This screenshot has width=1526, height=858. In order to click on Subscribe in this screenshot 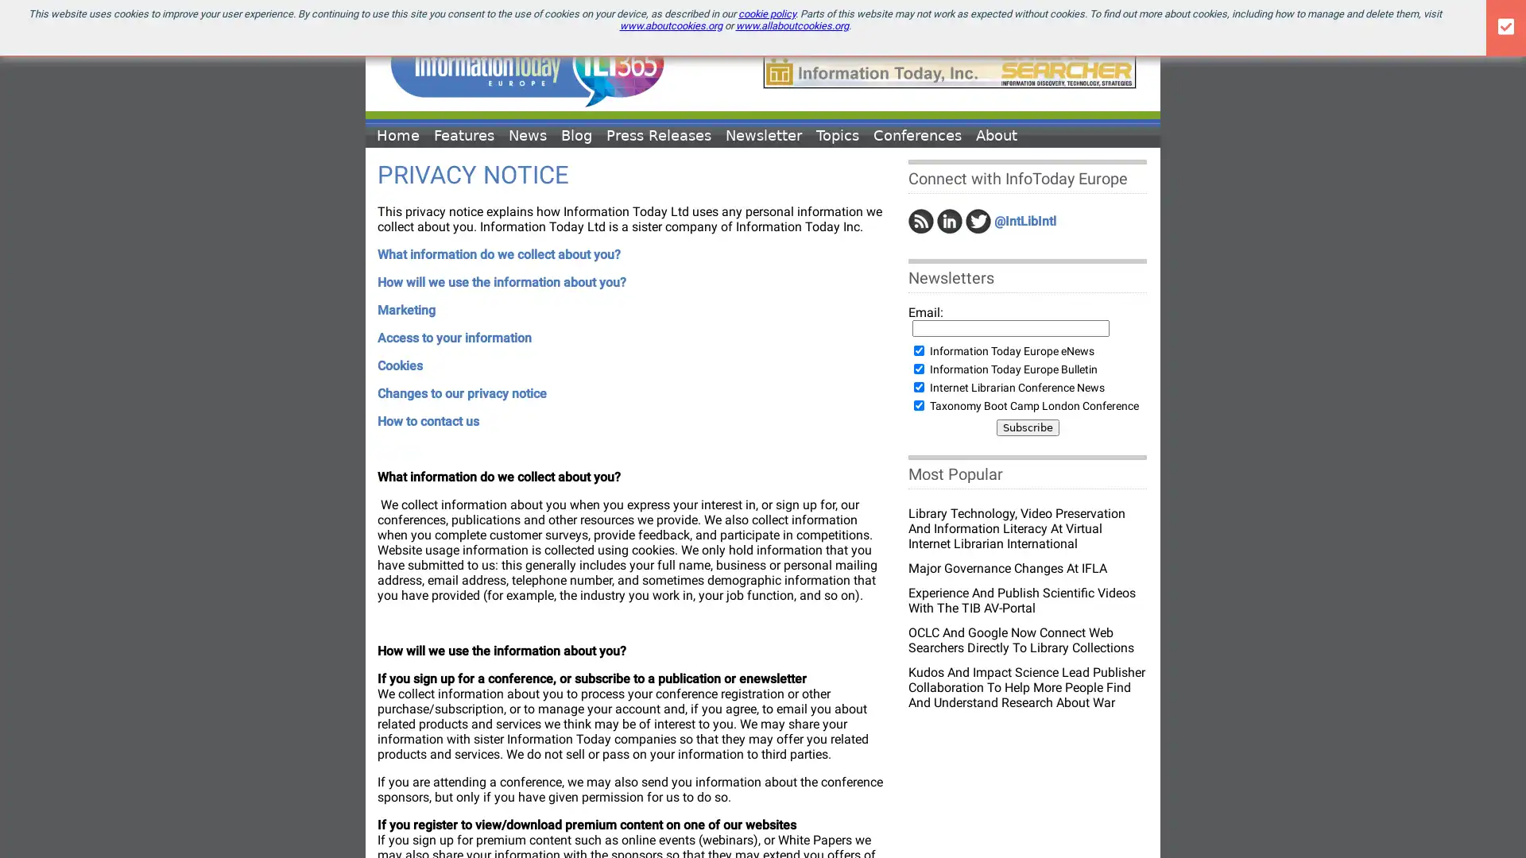, I will do `click(1027, 427)`.